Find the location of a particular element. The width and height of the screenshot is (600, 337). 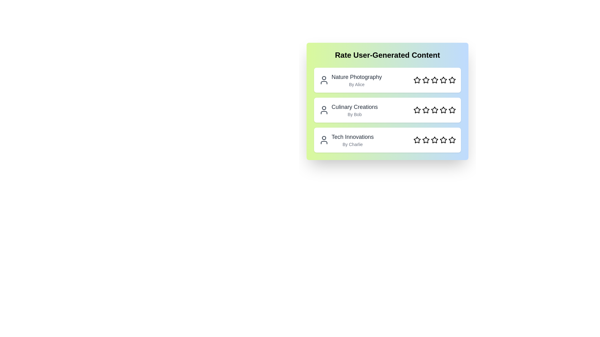

the heading 'Rate User-Generated Content' to understand the purpose of the component is located at coordinates (387, 55).